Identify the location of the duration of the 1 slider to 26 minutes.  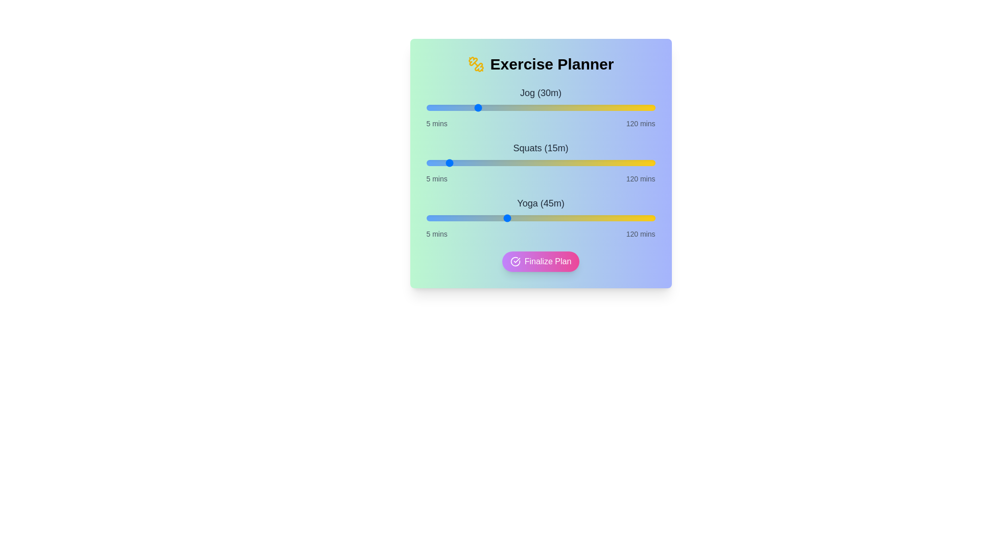
(468, 163).